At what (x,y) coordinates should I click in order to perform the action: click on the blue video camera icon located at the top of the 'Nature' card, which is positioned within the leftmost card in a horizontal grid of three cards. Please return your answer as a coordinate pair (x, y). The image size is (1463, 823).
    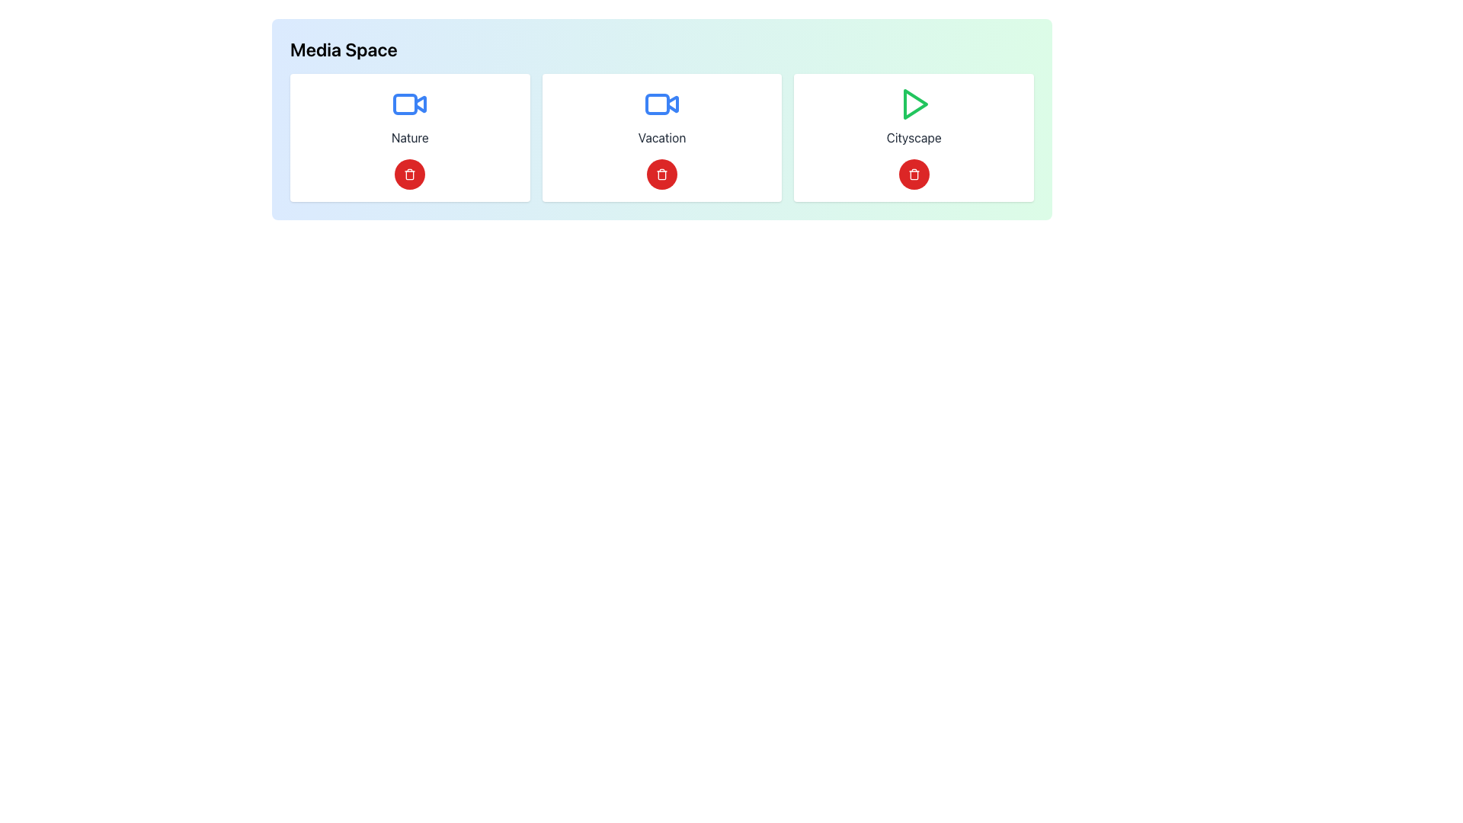
    Looking at the image, I should click on (410, 104).